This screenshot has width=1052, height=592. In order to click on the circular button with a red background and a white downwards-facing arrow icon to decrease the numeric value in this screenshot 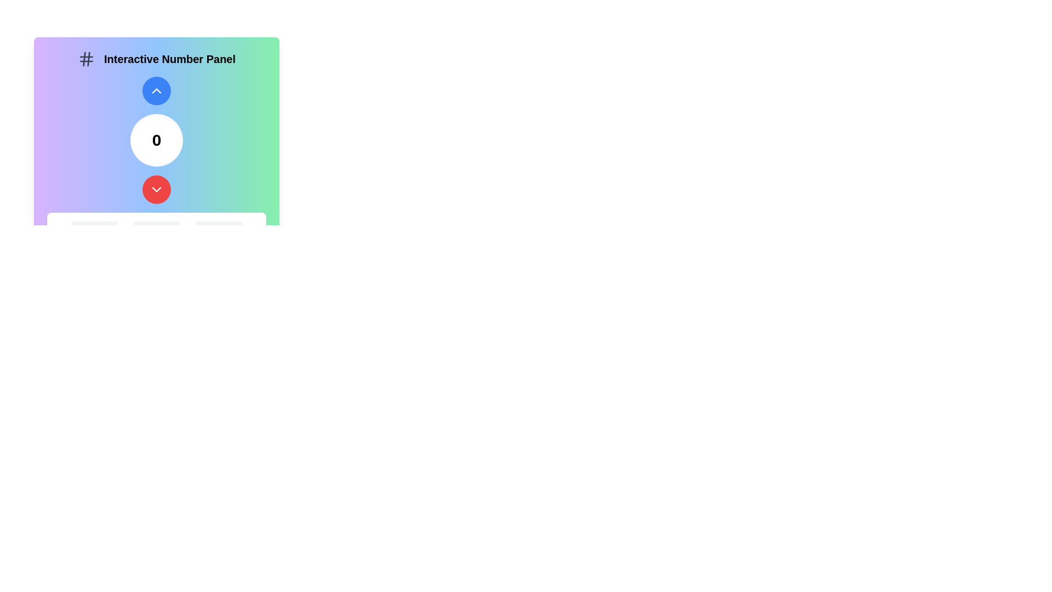, I will do `click(156, 189)`.